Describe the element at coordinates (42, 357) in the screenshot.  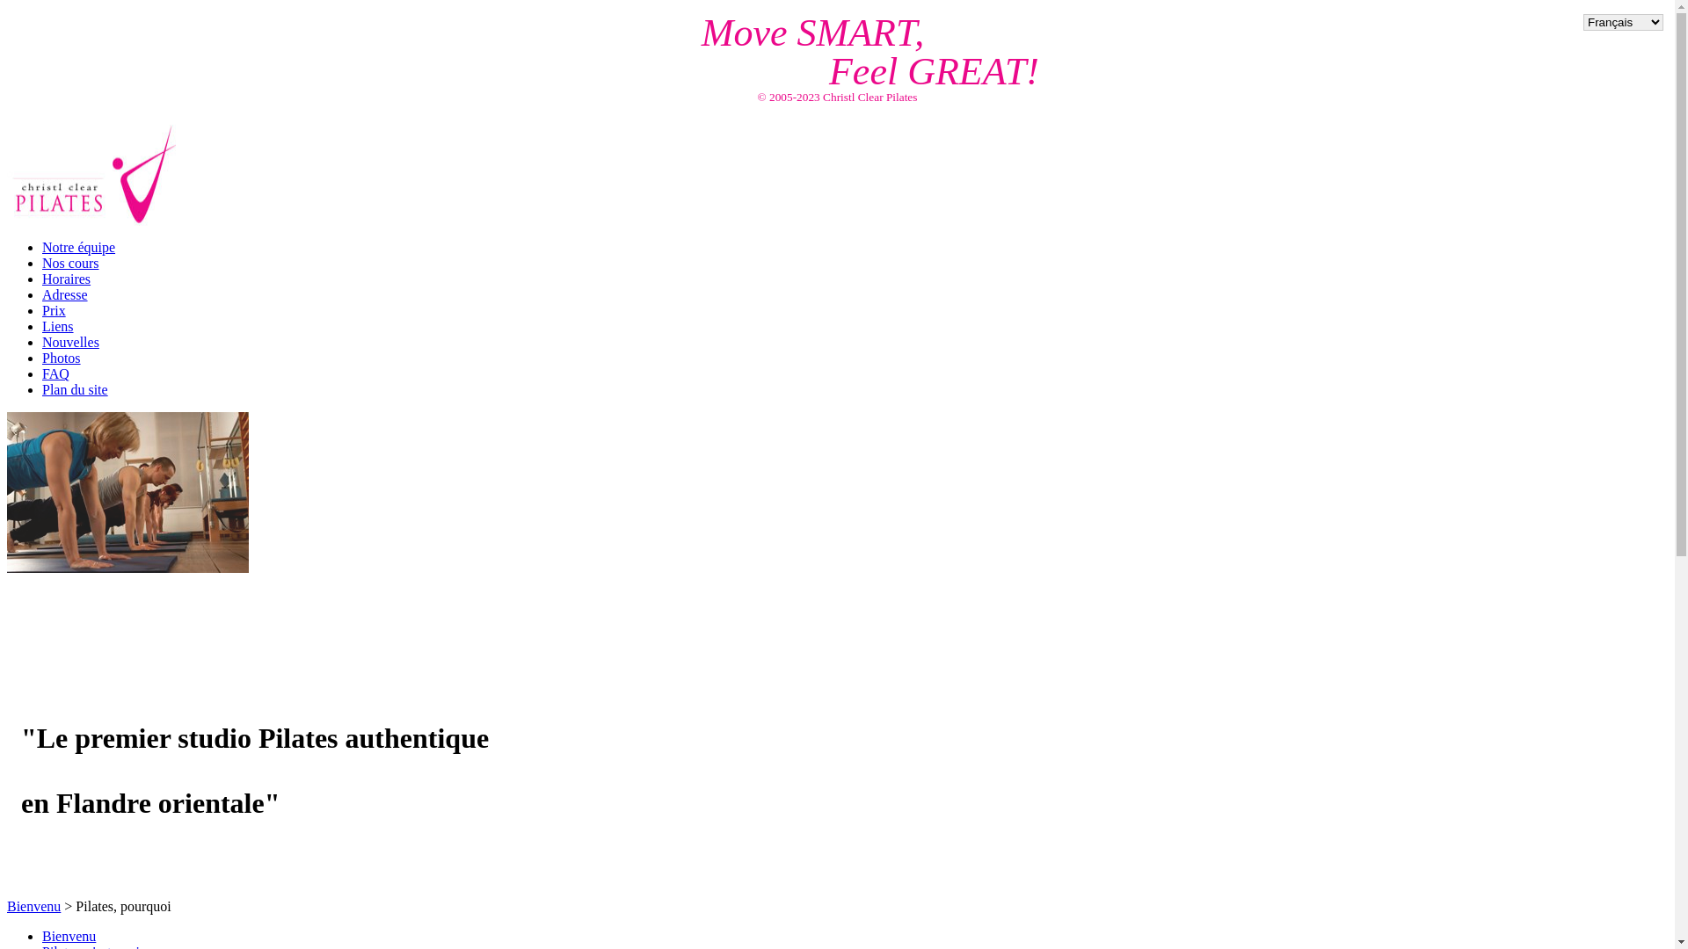
I see `'Photos'` at that location.